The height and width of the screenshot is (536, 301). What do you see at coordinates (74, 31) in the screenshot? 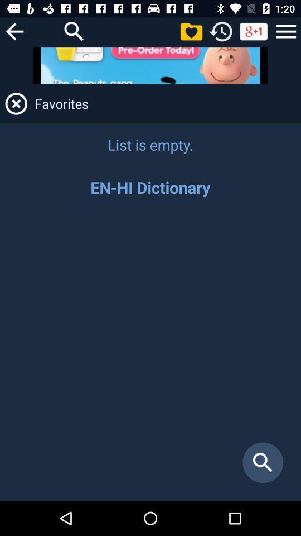
I see `open search bar` at bounding box center [74, 31].